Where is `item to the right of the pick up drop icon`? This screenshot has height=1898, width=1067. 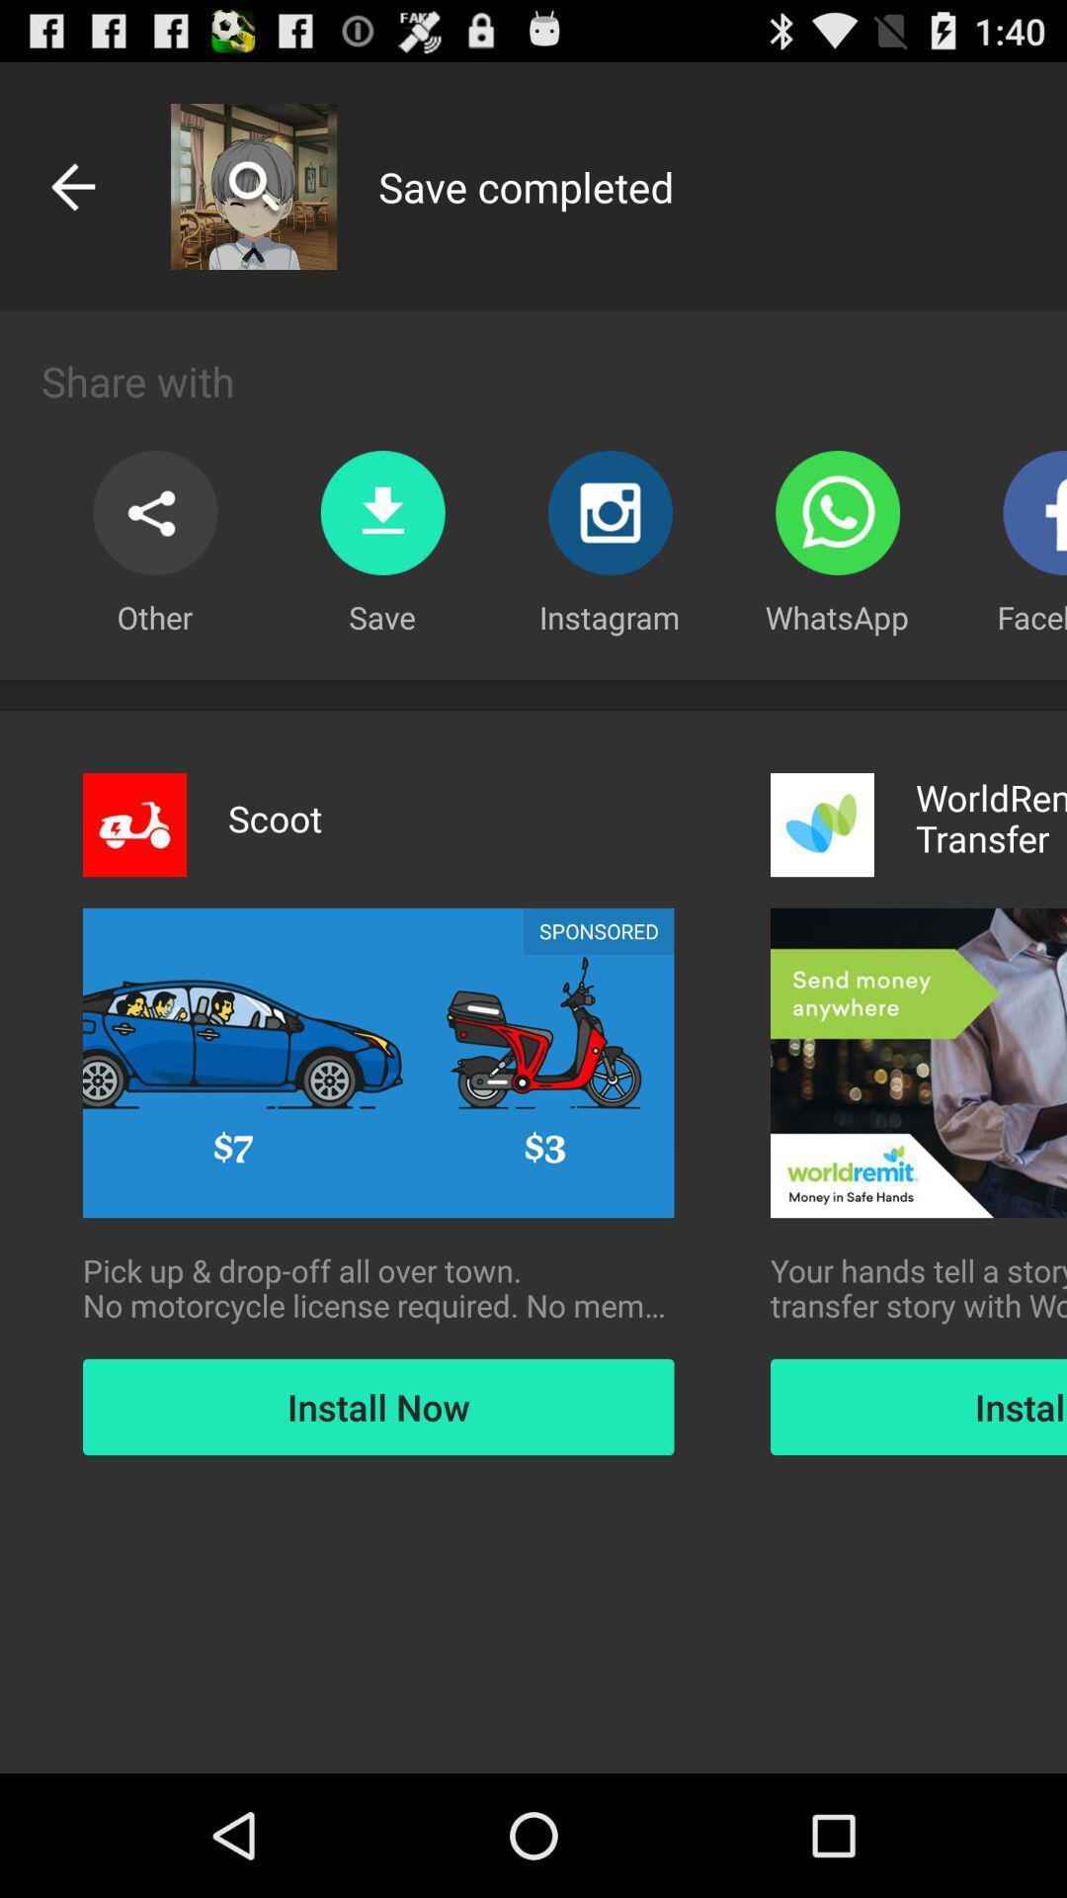 item to the right of the pick up drop icon is located at coordinates (918, 1288).